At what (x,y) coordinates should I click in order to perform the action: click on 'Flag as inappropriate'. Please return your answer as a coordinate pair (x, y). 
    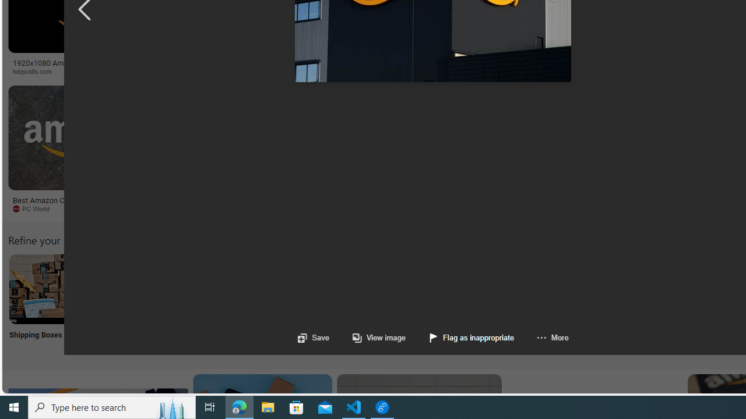
    Looking at the image, I should click on (471, 338).